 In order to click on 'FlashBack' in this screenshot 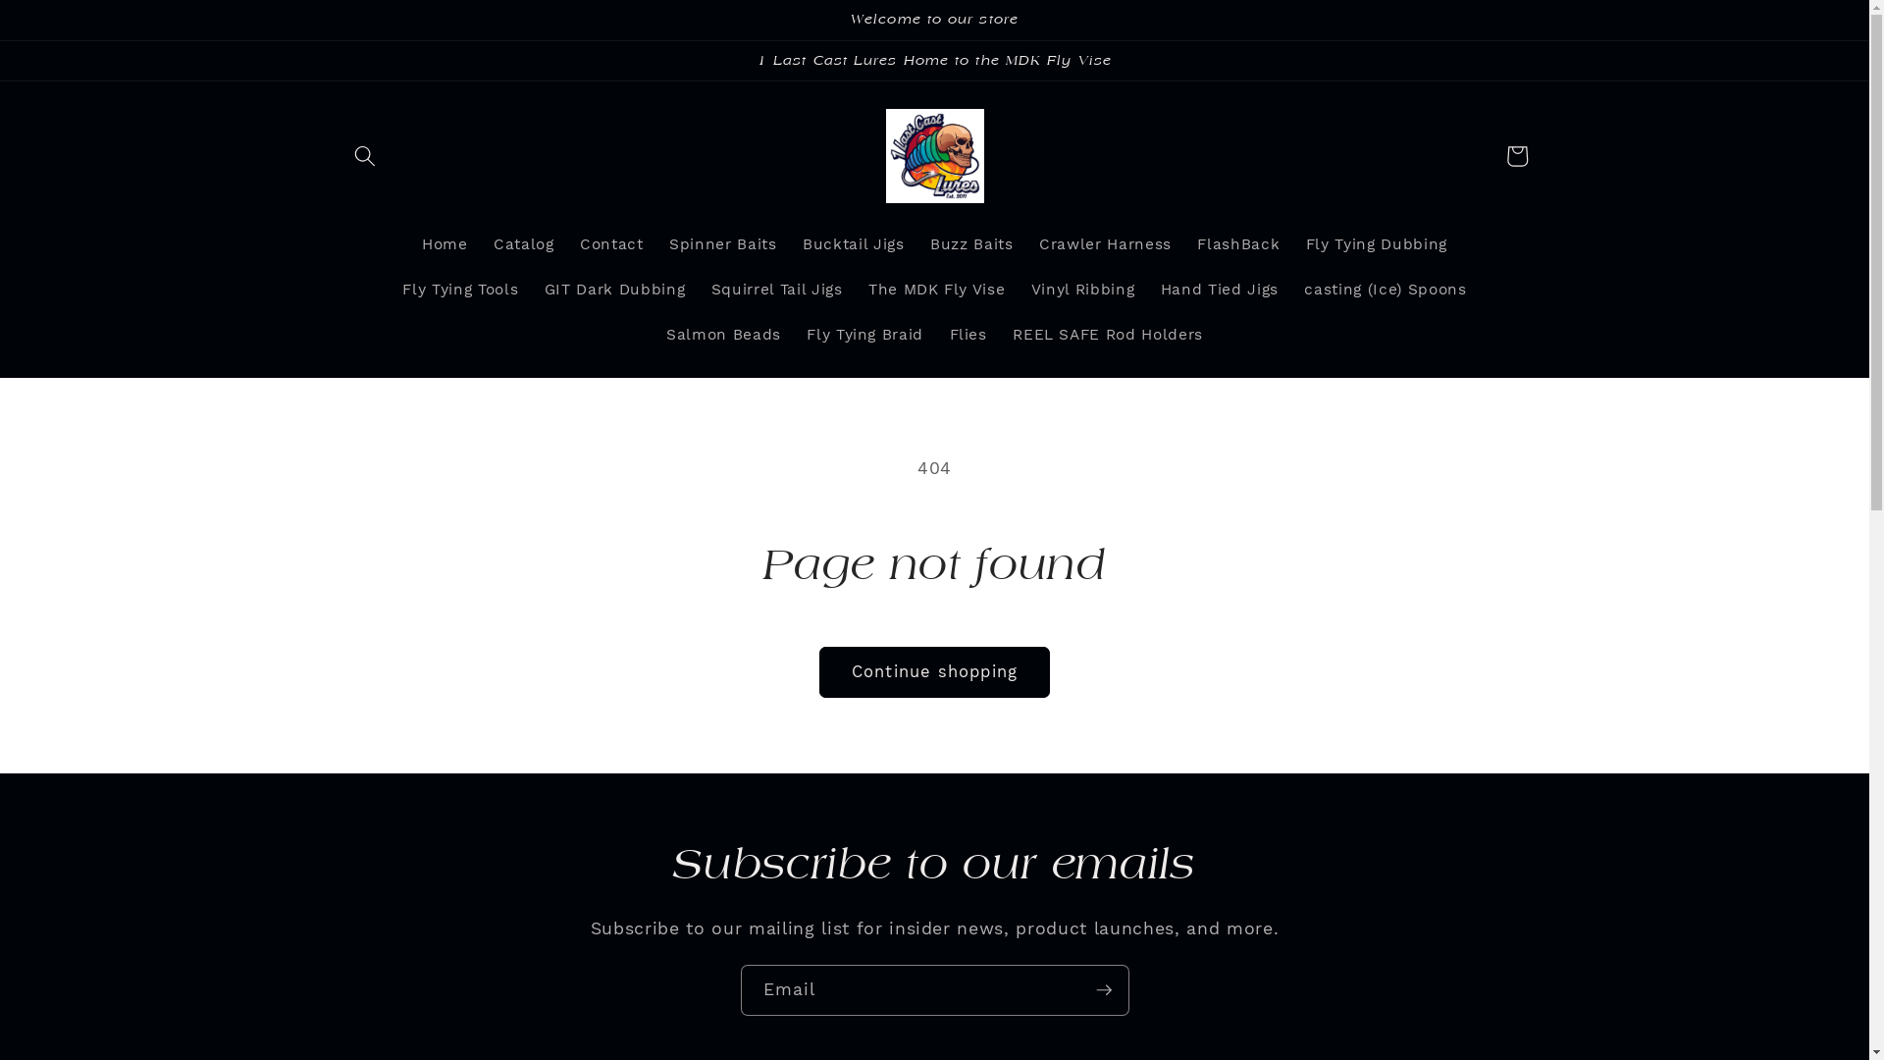, I will do `click(1237, 244)`.